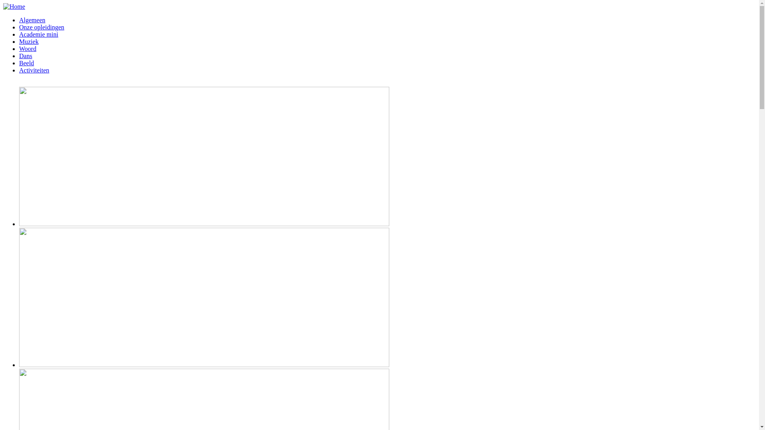 This screenshot has height=430, width=765. Describe the element at coordinates (29, 41) in the screenshot. I see `'Muziek'` at that location.